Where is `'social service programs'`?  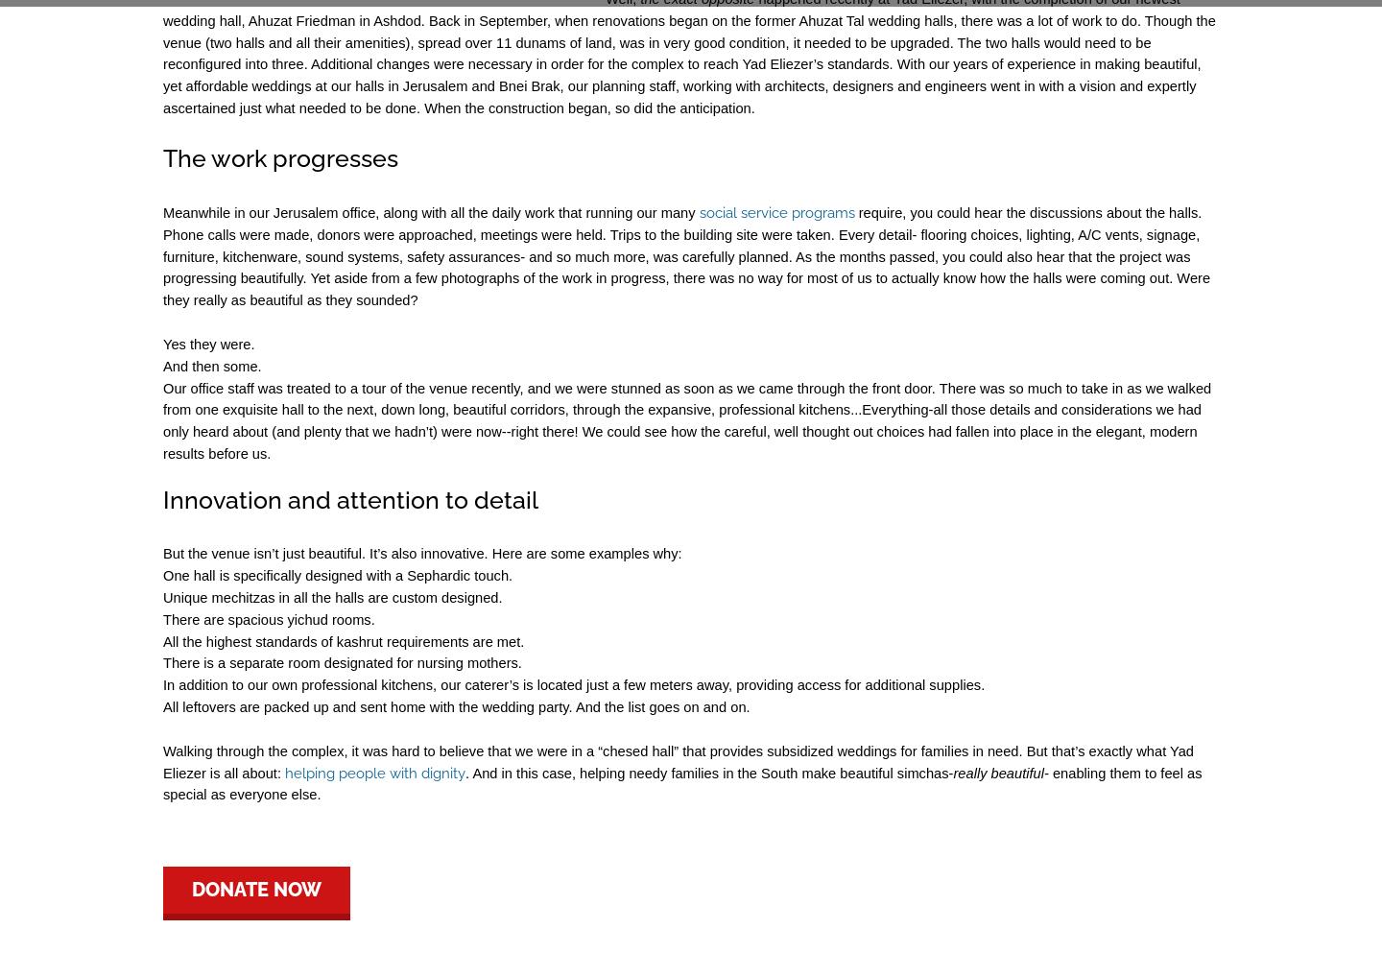
'social service programs' is located at coordinates (775, 211).